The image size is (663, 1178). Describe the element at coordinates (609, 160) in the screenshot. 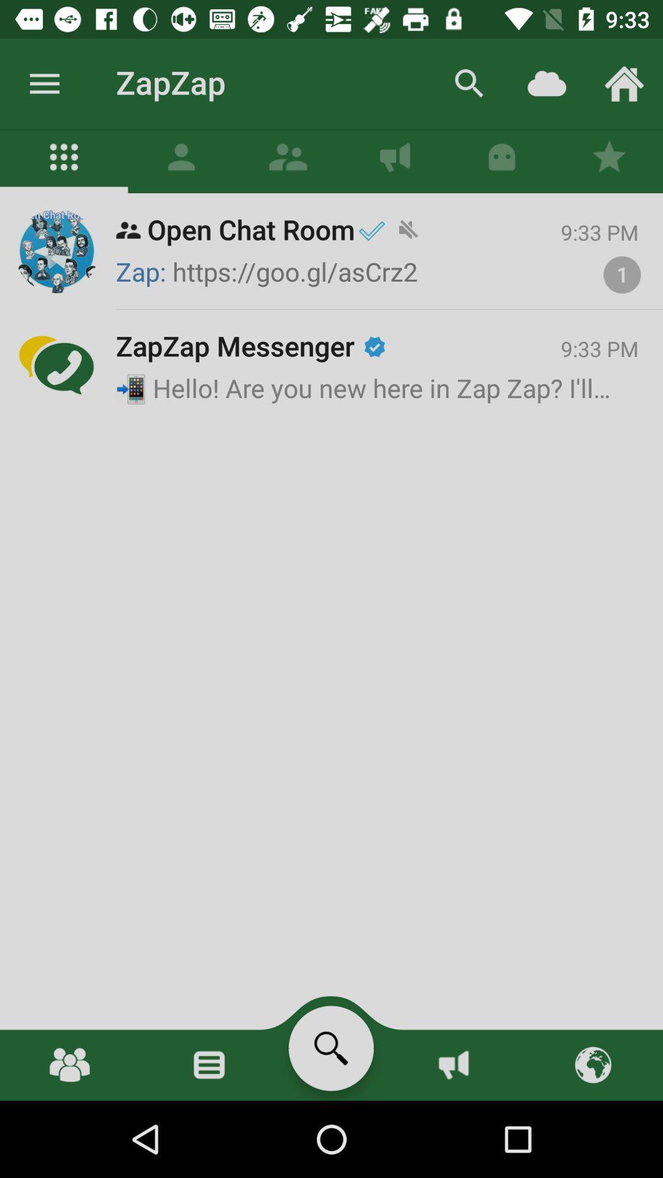

I see `the star icon` at that location.